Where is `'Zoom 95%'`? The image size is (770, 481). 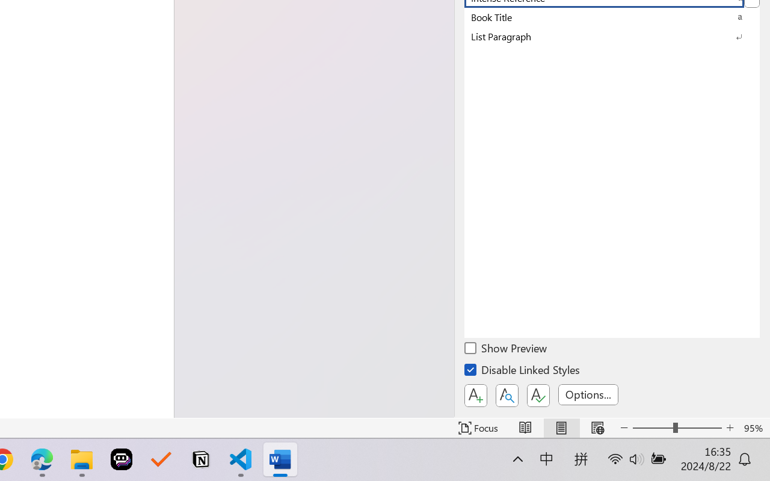 'Zoom 95%' is located at coordinates (753, 427).